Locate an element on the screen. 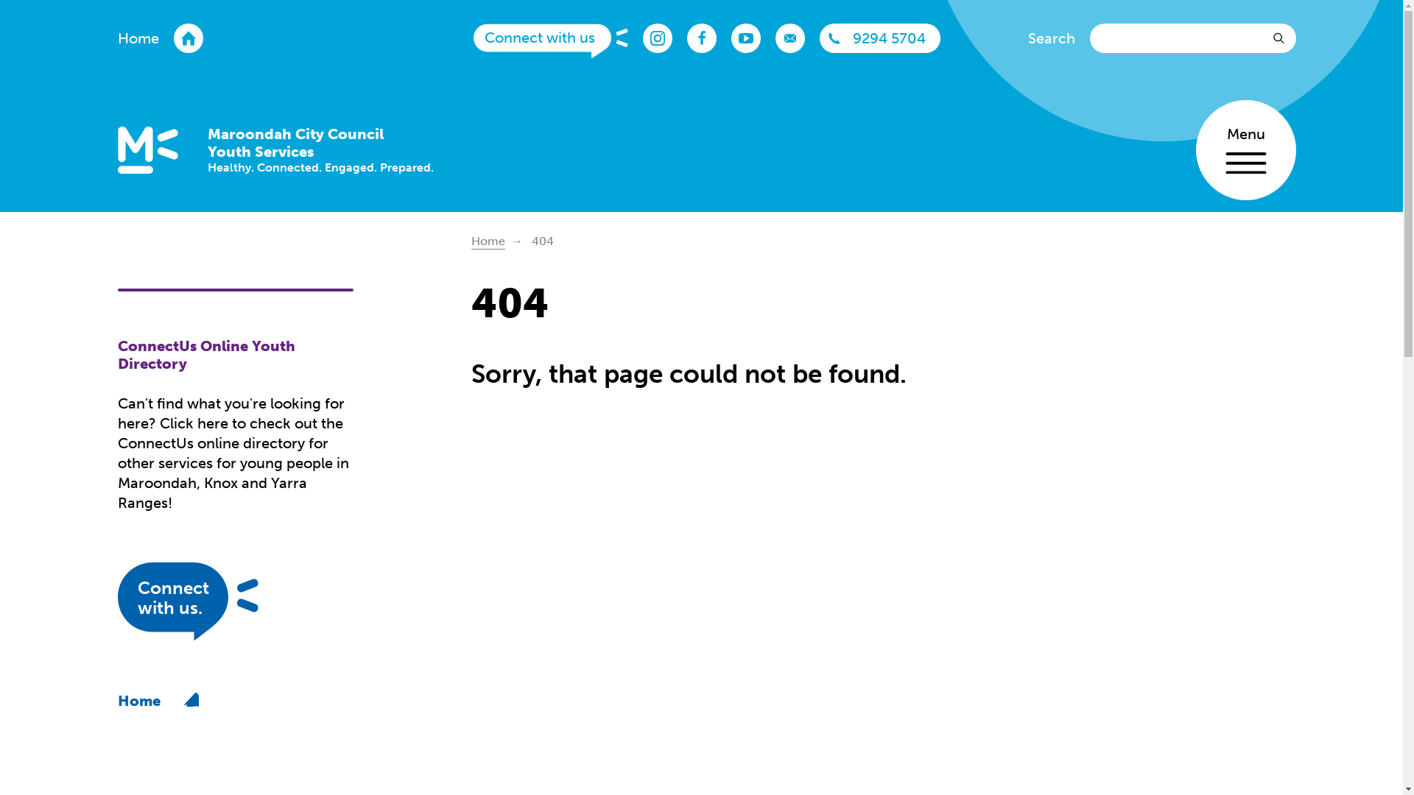 This screenshot has height=795, width=1414. 'Connect is located at coordinates (212, 604).